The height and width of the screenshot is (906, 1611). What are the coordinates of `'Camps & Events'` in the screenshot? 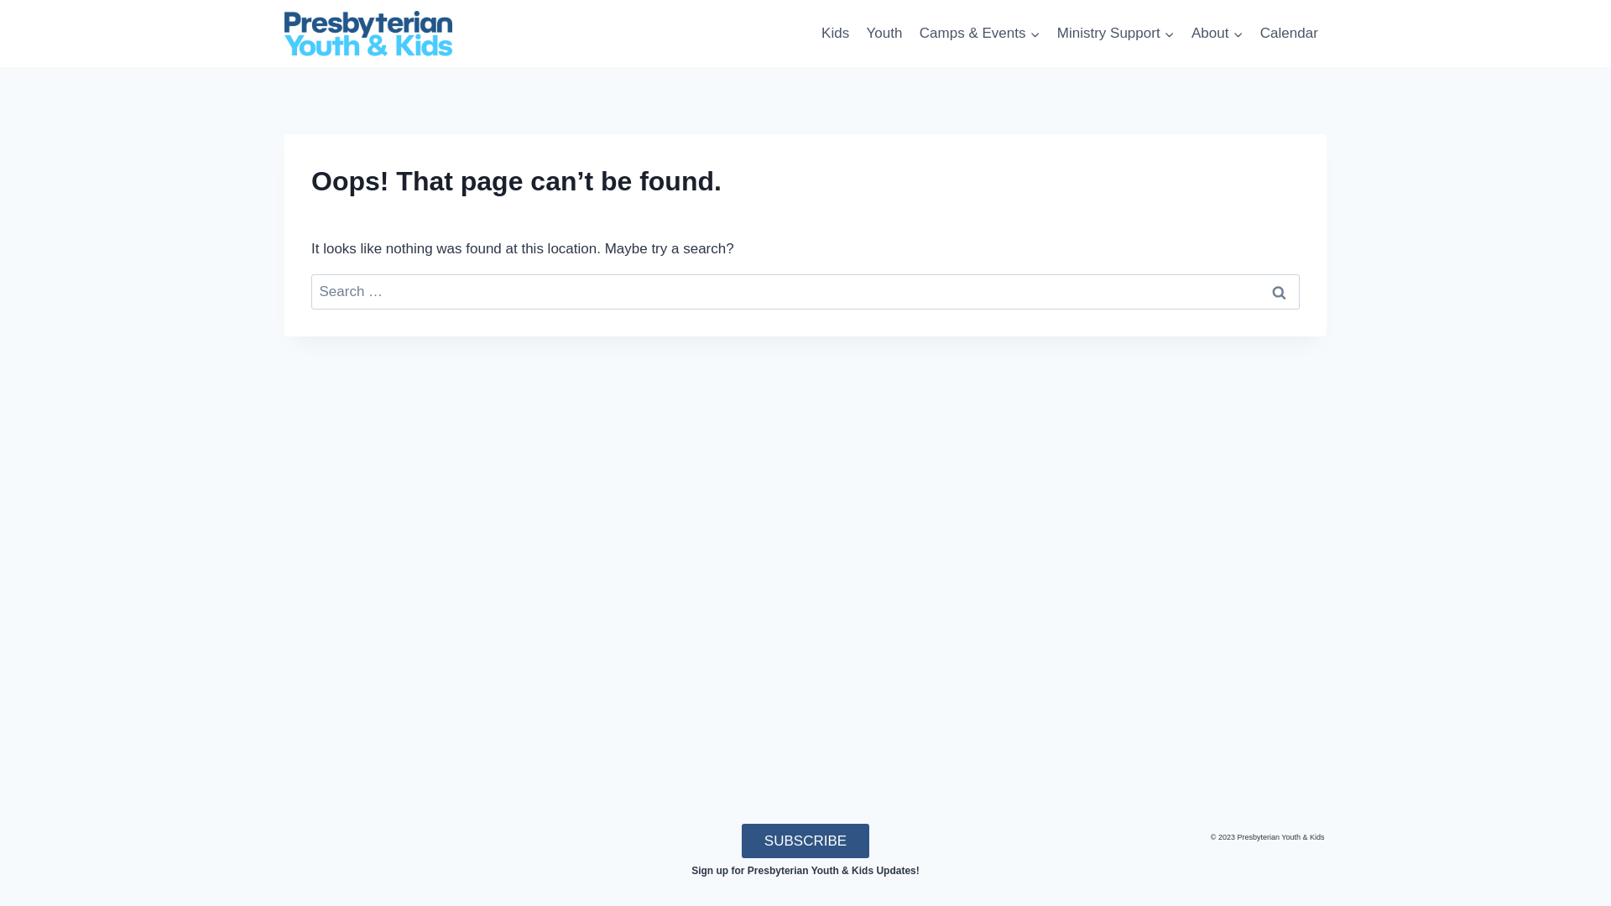 It's located at (910, 33).